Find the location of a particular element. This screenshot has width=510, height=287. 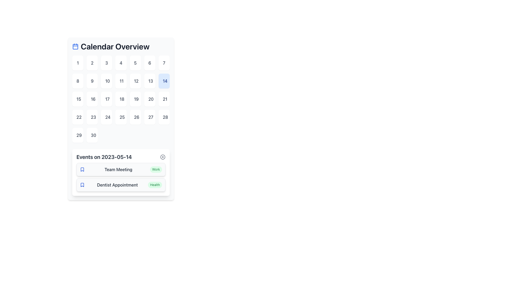

the button representing the date 6 in the calendar layout is located at coordinates (149, 62).